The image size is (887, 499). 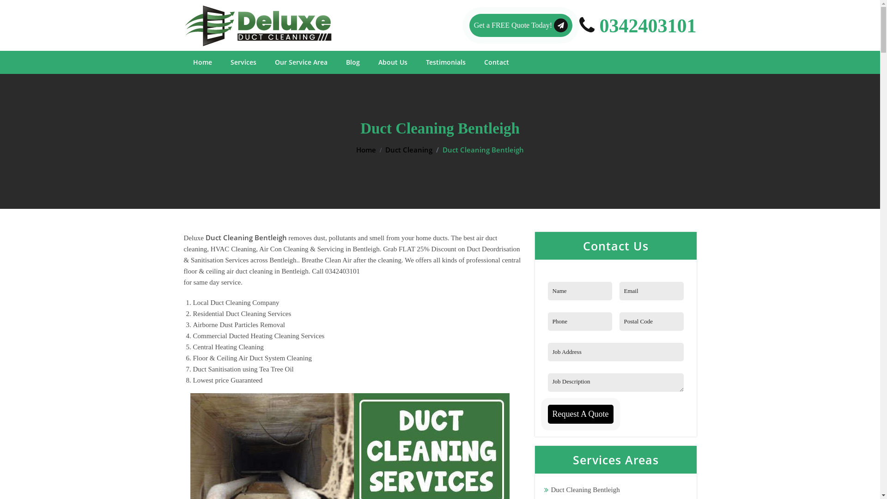 I want to click on 'Get a FREE Quote Today!', so click(x=521, y=24).